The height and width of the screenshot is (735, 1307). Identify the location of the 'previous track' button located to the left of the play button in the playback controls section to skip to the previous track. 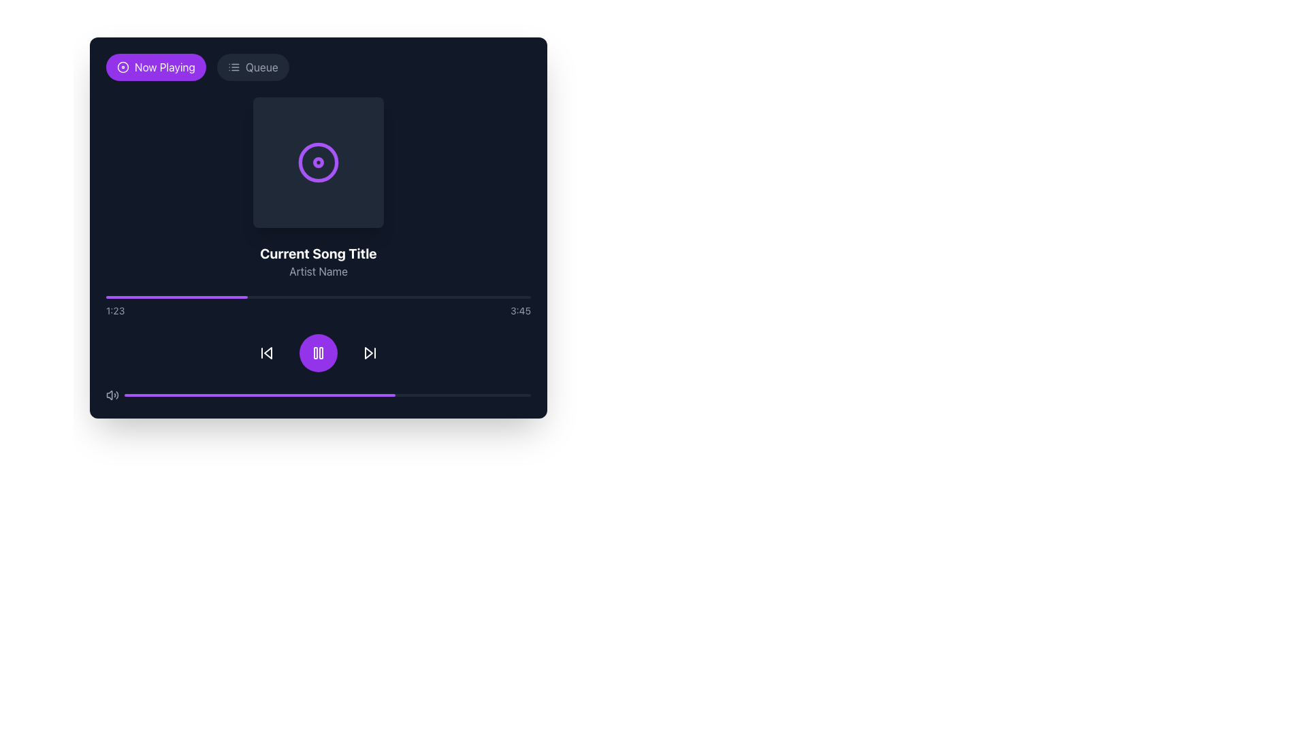
(267, 353).